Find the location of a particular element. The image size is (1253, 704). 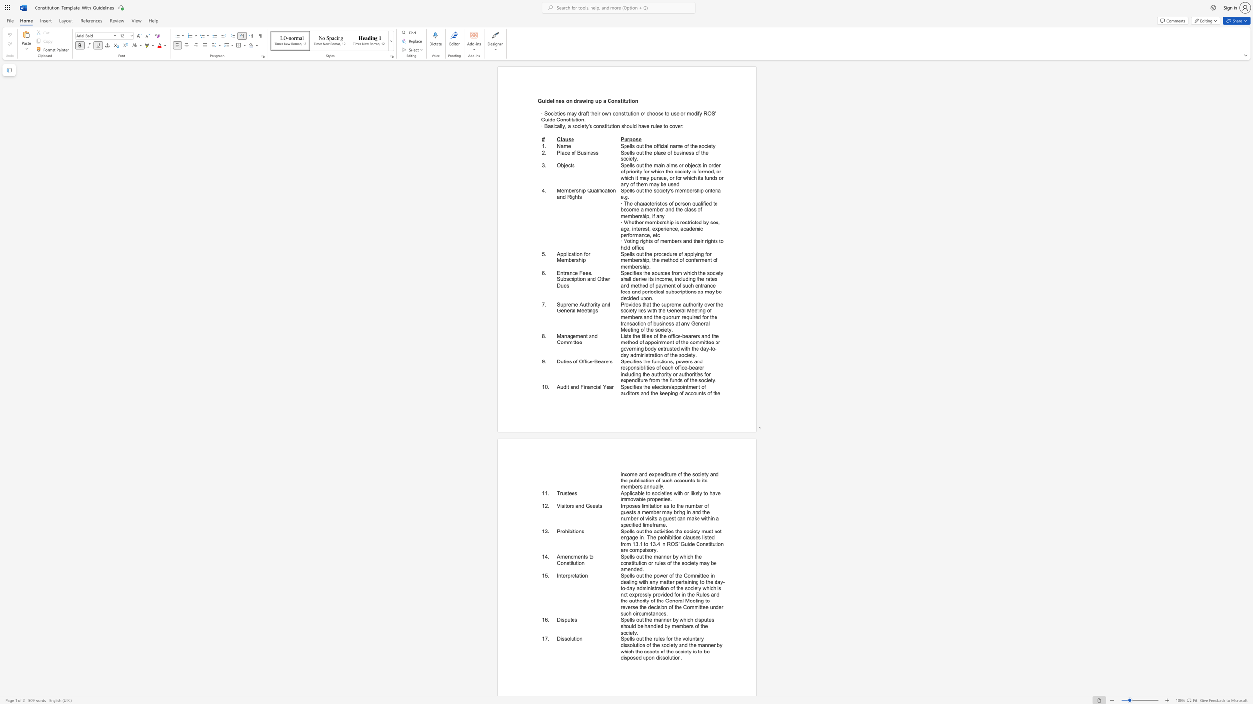

the subset text "ral" within the text "Supreme Authority and General Meetings" is located at coordinates (570, 310).